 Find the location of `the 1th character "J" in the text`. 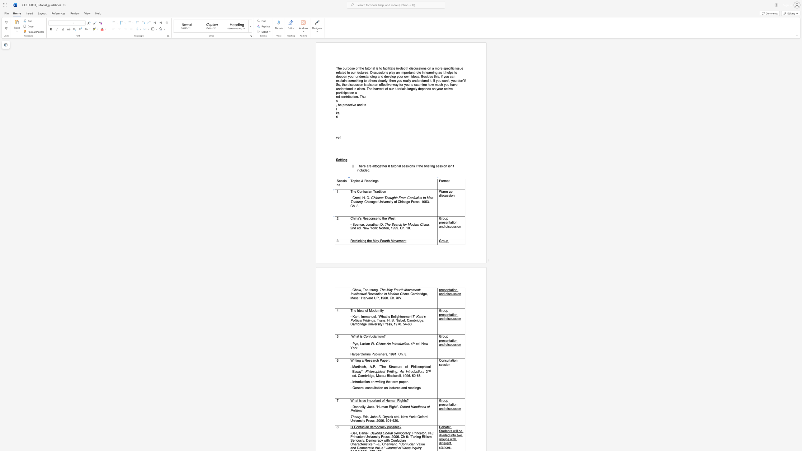

the 1th character "J" in the text is located at coordinates (366, 224).